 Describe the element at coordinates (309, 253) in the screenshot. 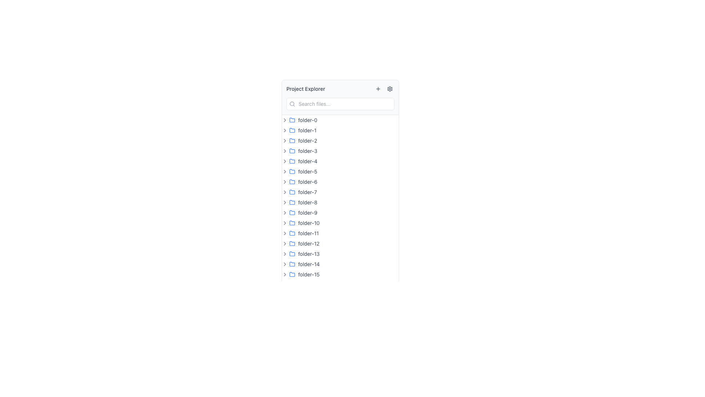

I see `the text label displaying 'folder-13'` at that location.